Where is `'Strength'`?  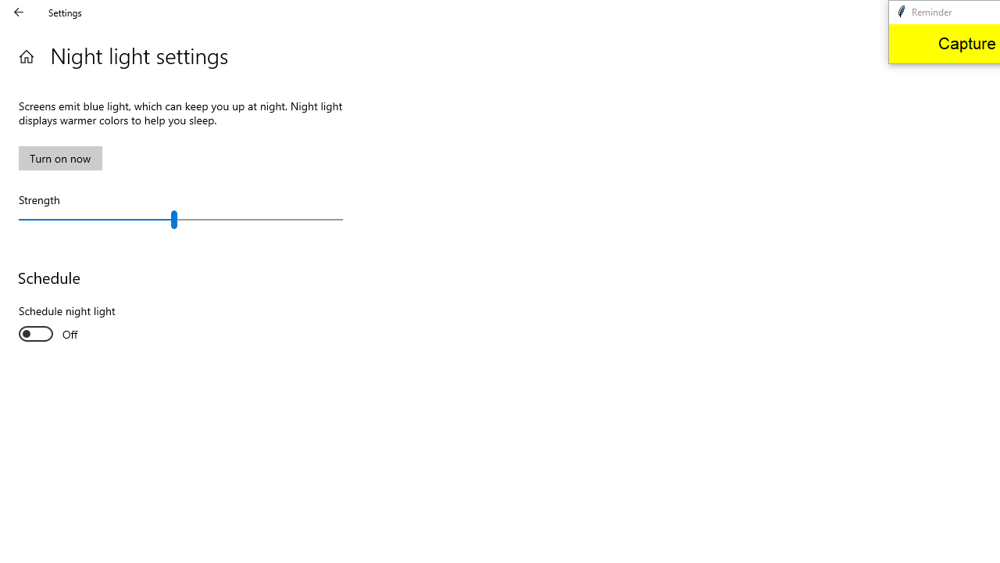
'Strength' is located at coordinates (180, 219).